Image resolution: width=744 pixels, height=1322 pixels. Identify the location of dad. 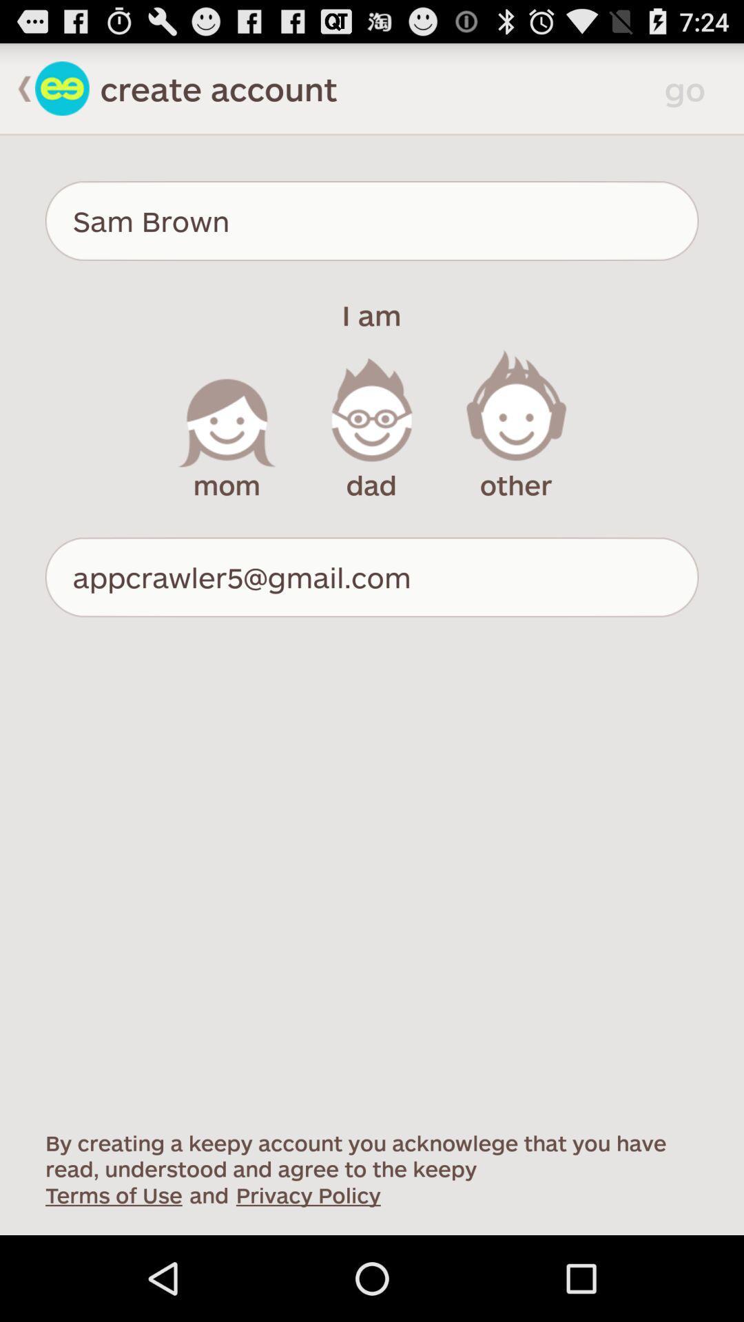
(372, 425).